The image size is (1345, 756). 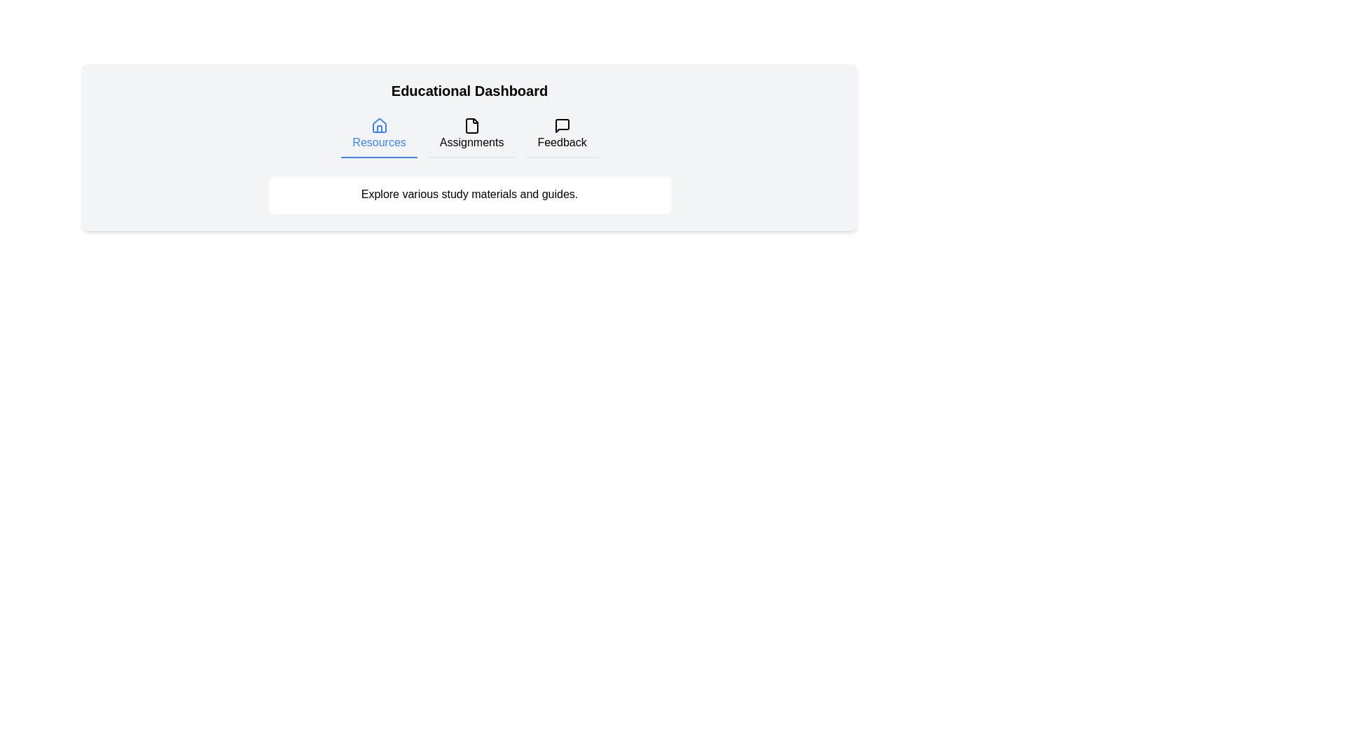 What do you see at coordinates (469, 194) in the screenshot?
I see `text displayed in the rectangular white box with rounded corners that contains the message 'Explore various study materials and guides.'` at bounding box center [469, 194].